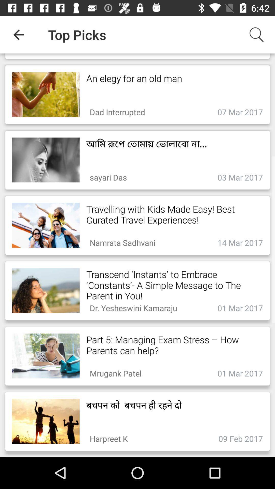 This screenshot has width=275, height=489. What do you see at coordinates (116, 372) in the screenshot?
I see `the mrugank patel item` at bounding box center [116, 372].